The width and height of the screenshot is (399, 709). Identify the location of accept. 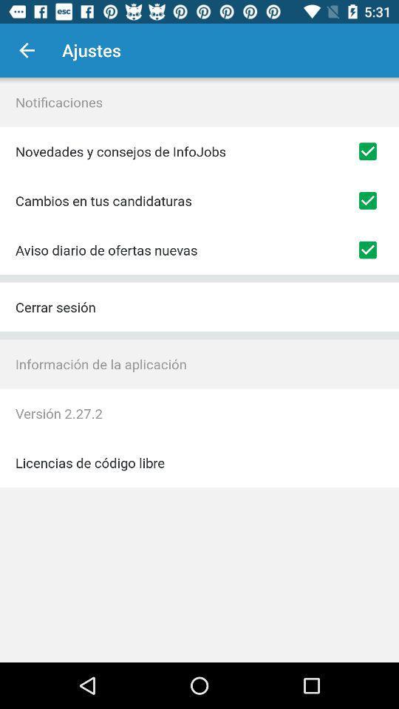
(366, 250).